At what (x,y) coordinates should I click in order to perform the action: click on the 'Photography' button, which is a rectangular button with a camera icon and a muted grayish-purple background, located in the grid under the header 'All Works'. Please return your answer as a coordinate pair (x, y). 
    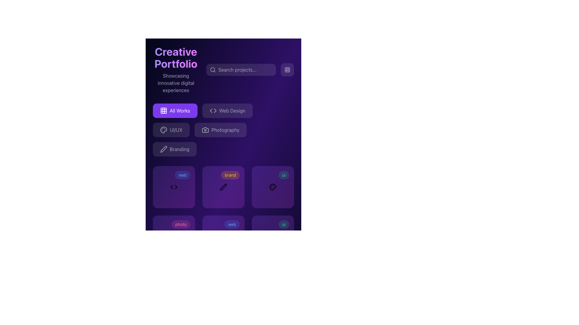
    Looking at the image, I should click on (223, 130).